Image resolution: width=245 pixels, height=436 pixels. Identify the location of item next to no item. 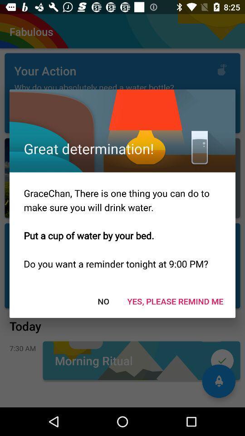
(175, 301).